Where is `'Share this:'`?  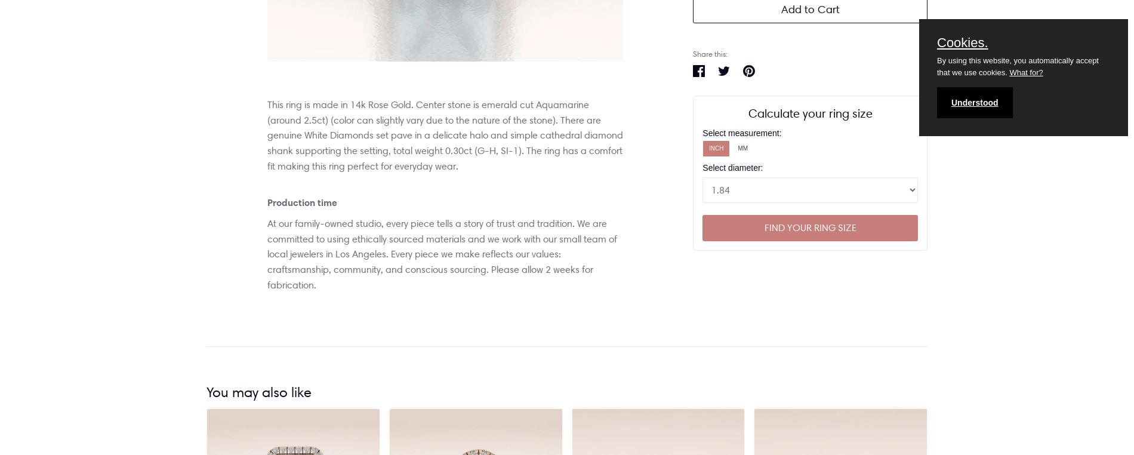 'Share this:' is located at coordinates (709, 53).